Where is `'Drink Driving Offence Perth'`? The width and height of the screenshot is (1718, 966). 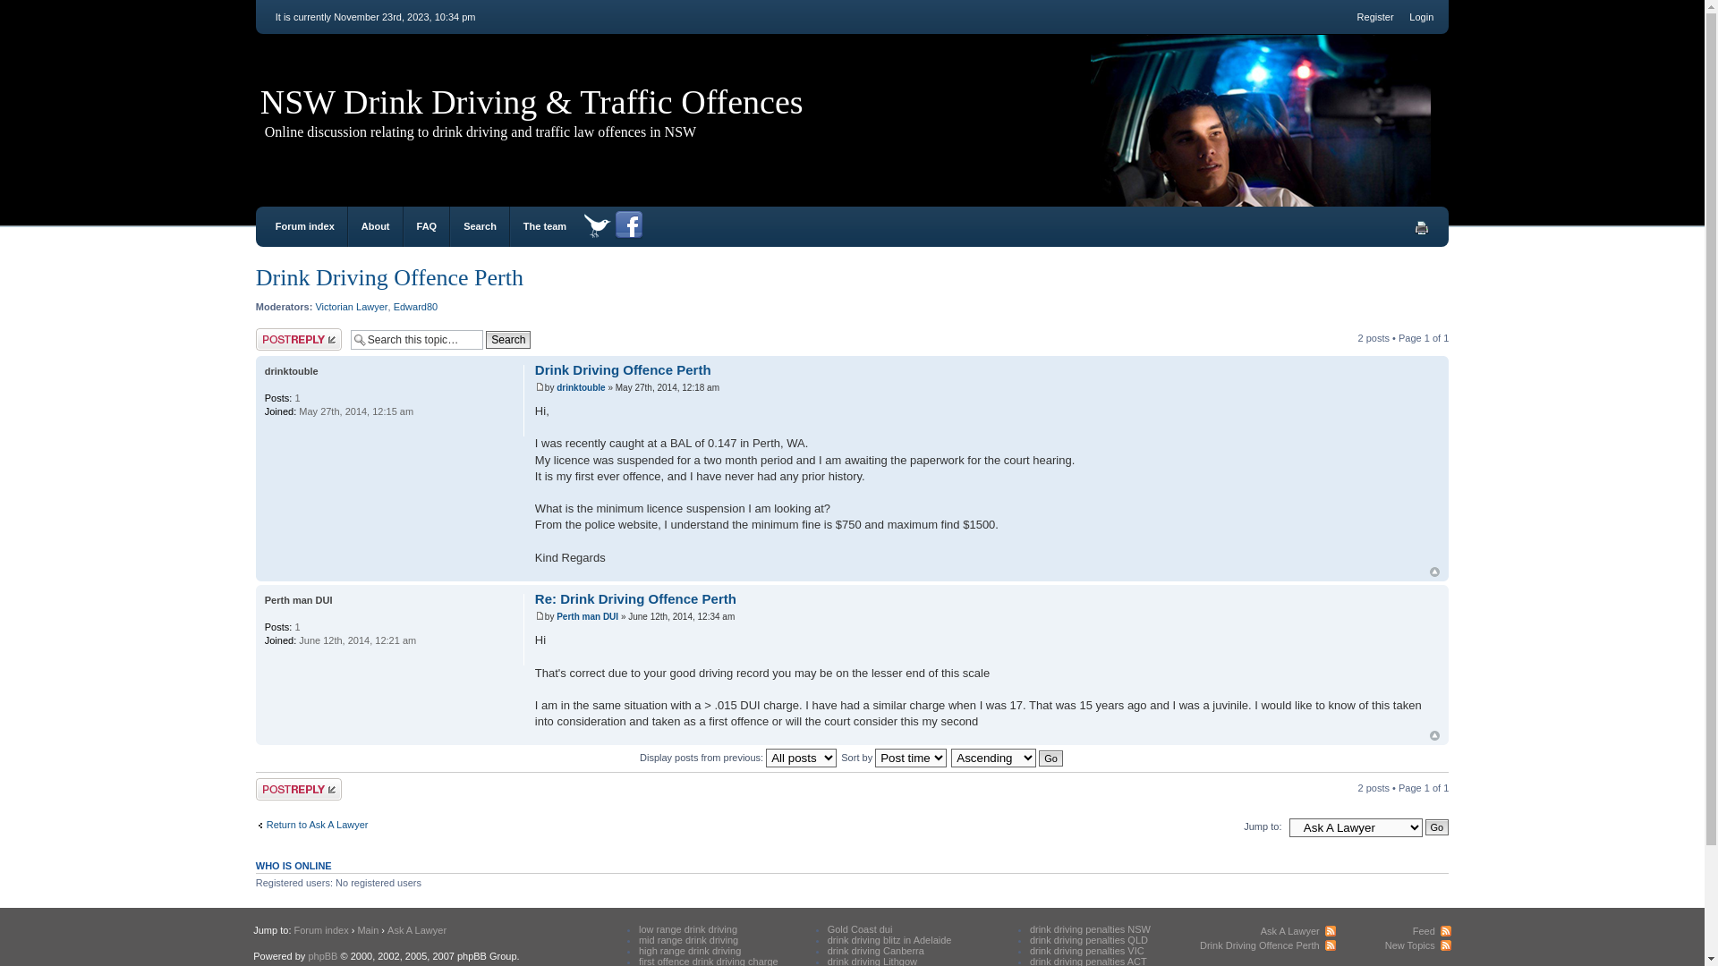 'Drink Driving Offence Perth' is located at coordinates (623, 369).